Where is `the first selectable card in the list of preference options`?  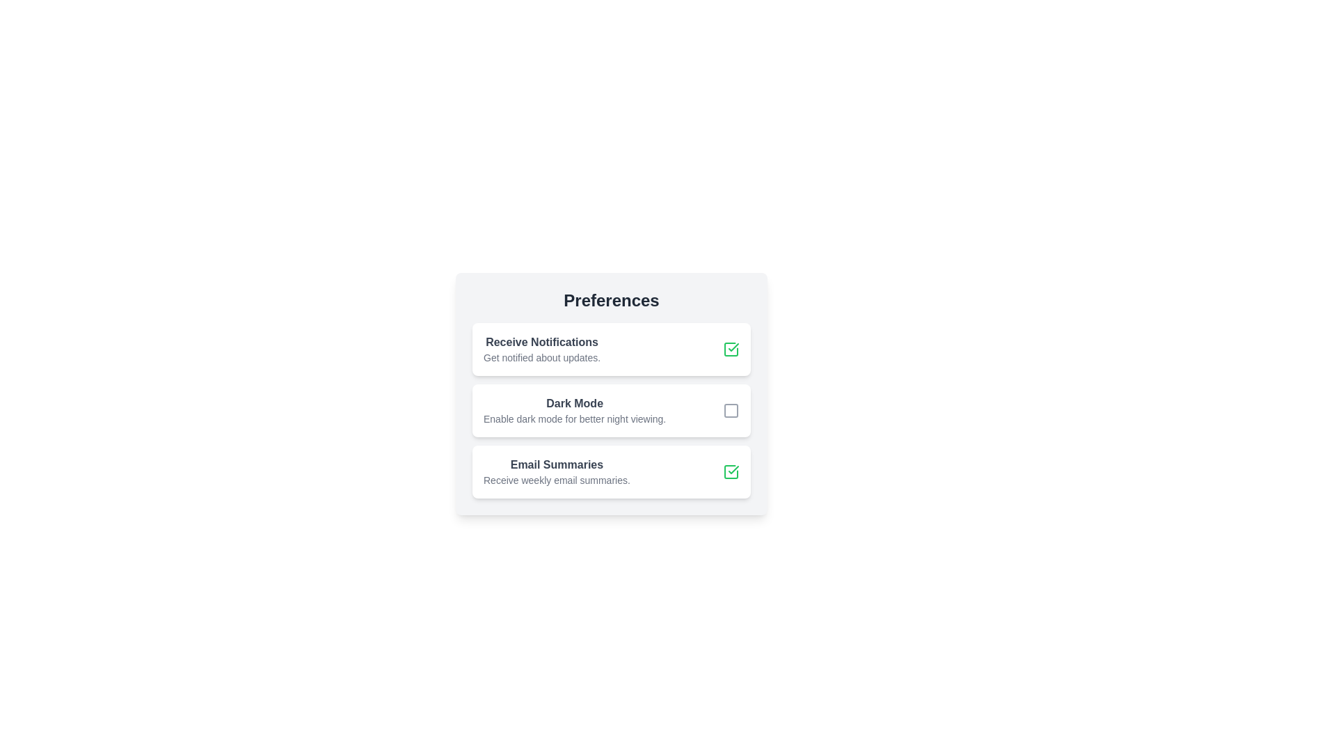
the first selectable card in the list of preference options is located at coordinates (611, 348).